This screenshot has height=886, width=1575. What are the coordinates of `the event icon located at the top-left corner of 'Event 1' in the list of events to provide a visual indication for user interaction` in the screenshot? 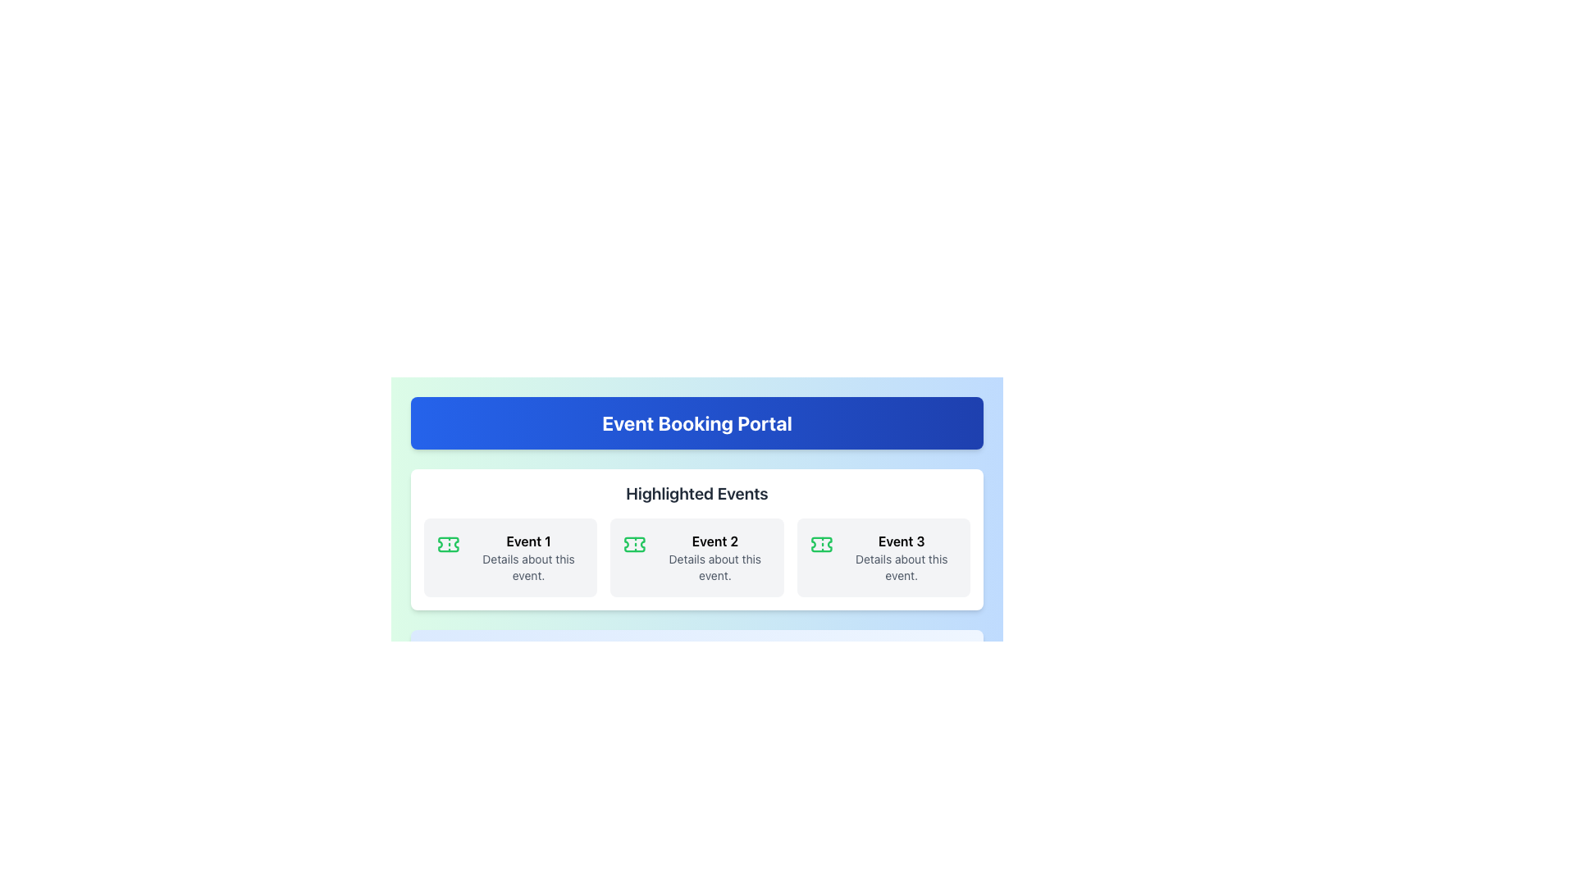 It's located at (448, 544).